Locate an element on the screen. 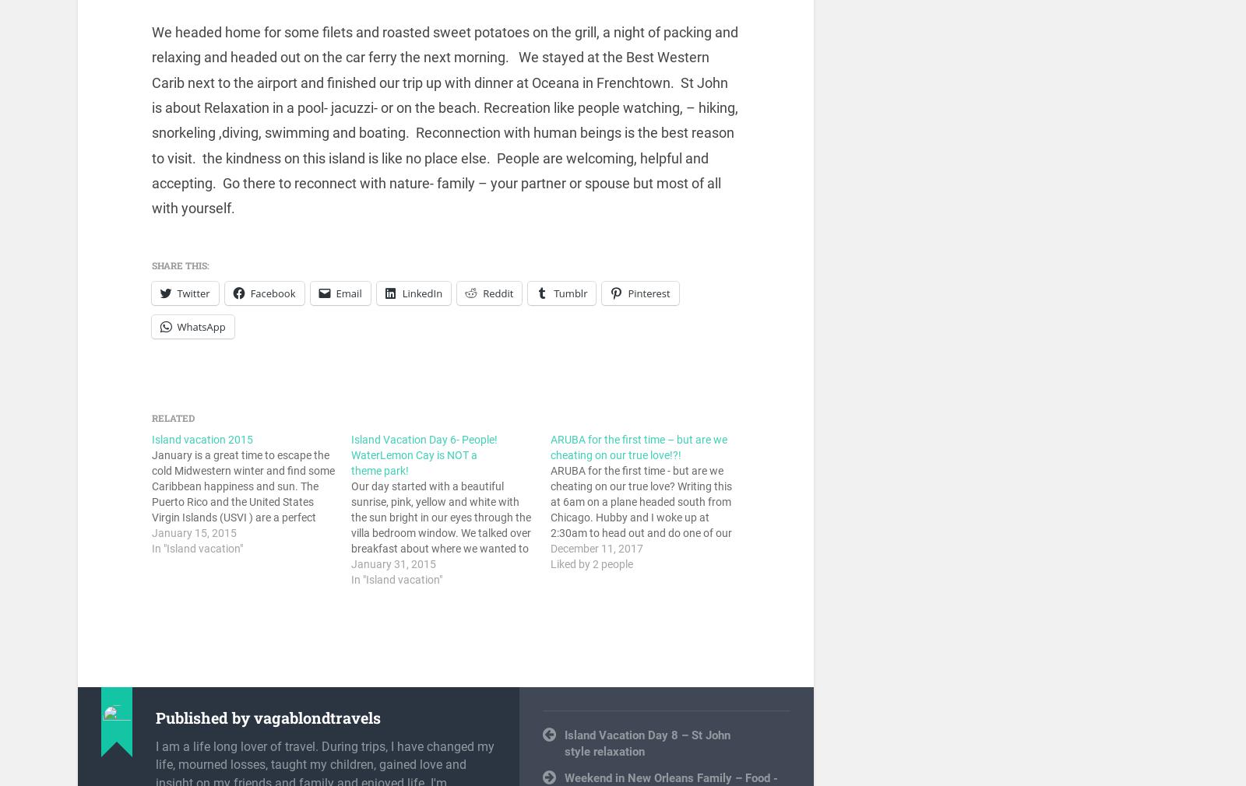  '#islandvacation' is located at coordinates (564, 719).